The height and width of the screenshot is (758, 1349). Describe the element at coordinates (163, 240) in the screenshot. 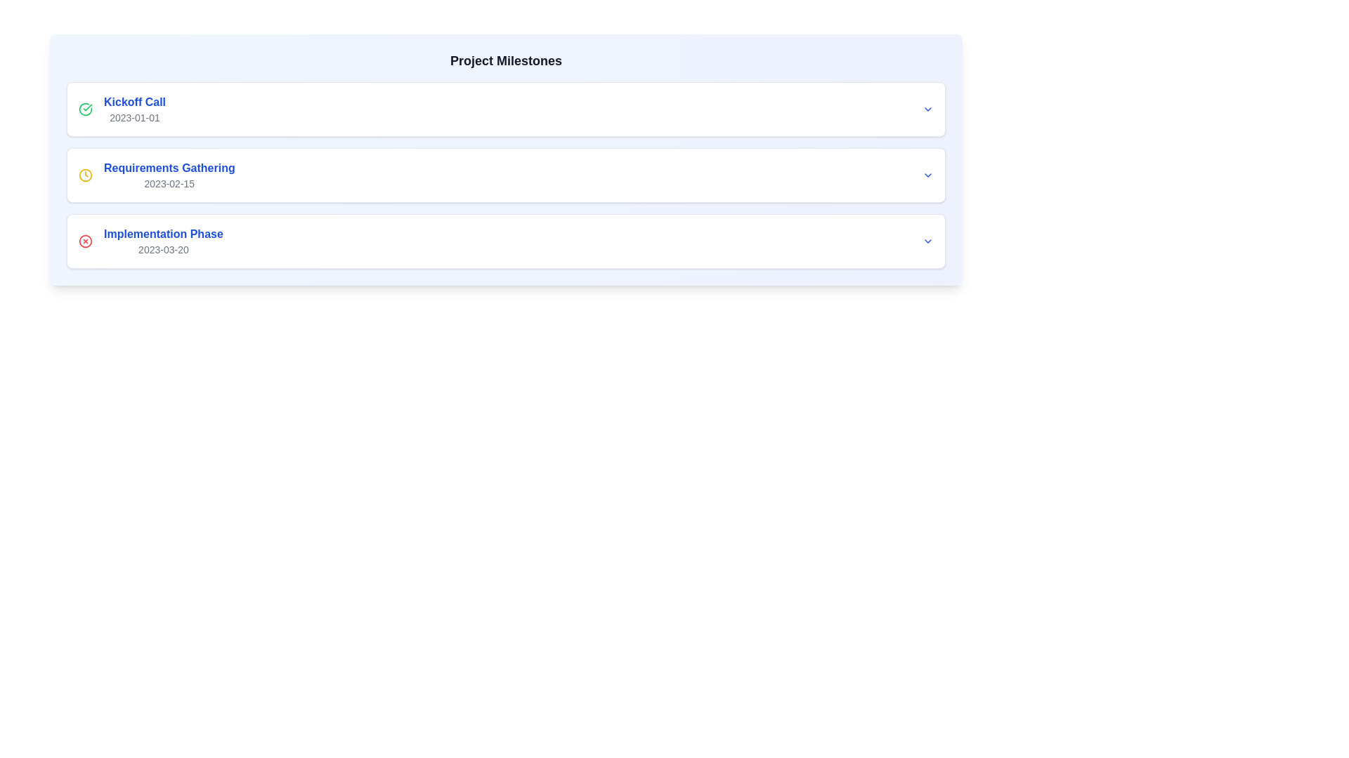

I see `the text block labeled 'Implementation Phase' with a subtext of '2023-03-20' within the 'Project Milestones' section` at that location.